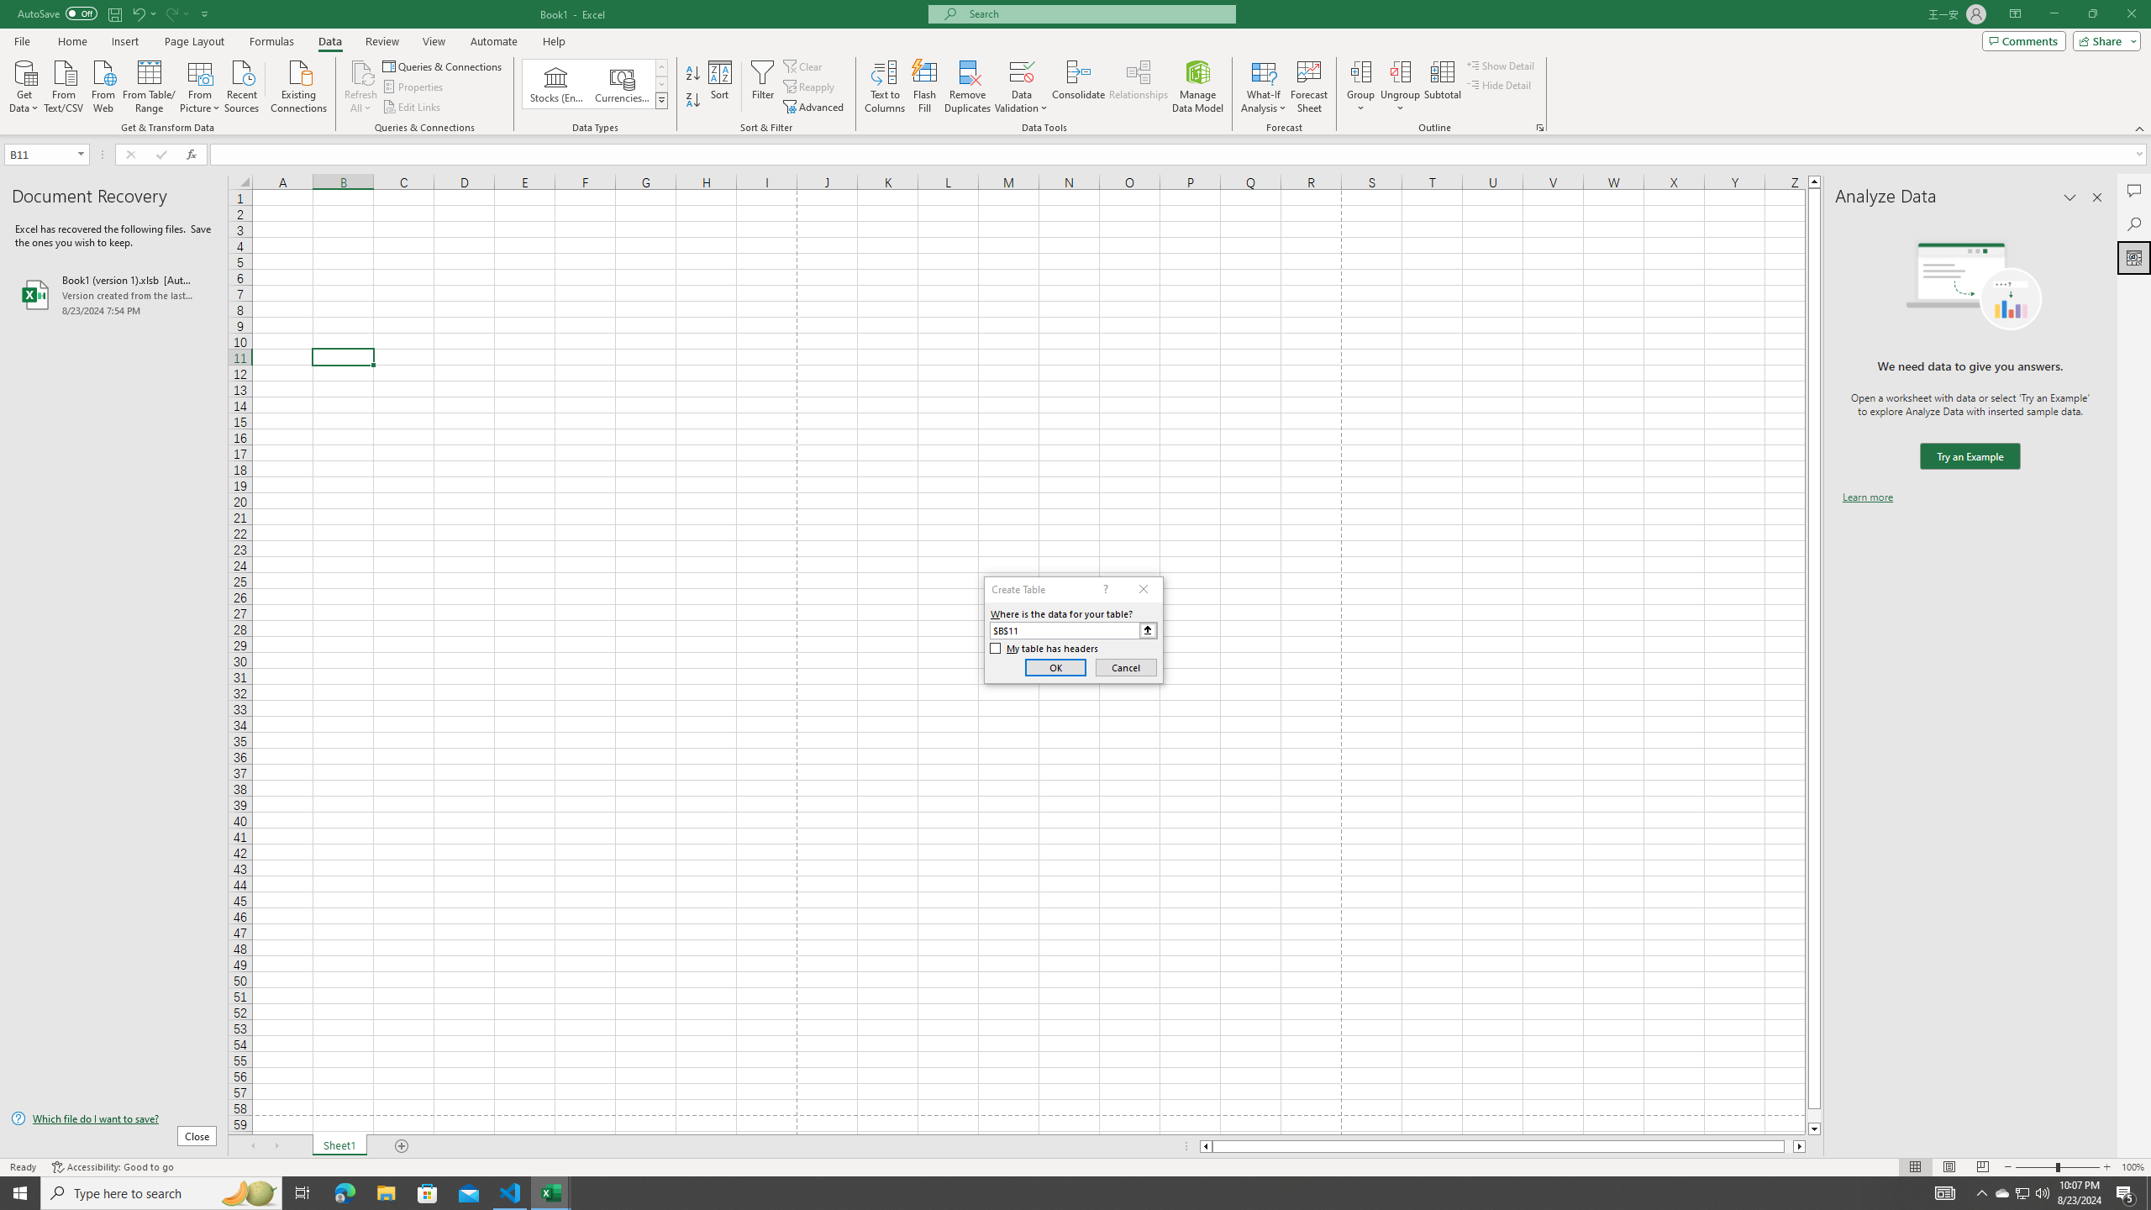  Describe the element at coordinates (414, 87) in the screenshot. I see `'Properties'` at that location.